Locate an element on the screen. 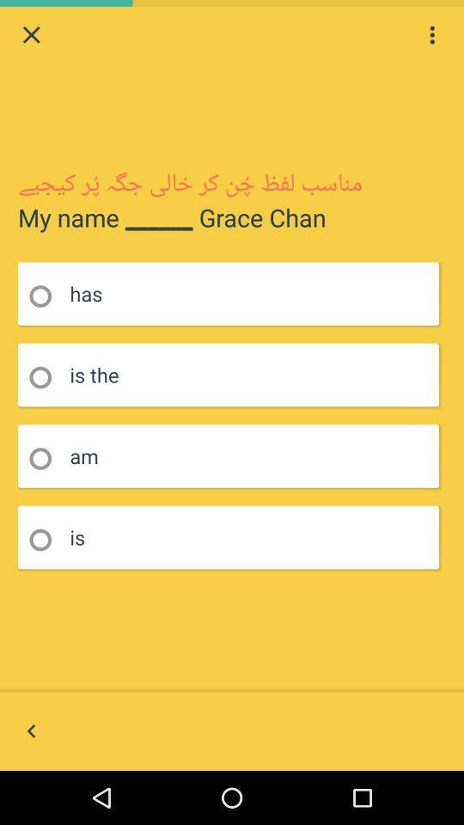 Image resolution: width=464 pixels, height=825 pixels. selection button is located at coordinates (46, 377).